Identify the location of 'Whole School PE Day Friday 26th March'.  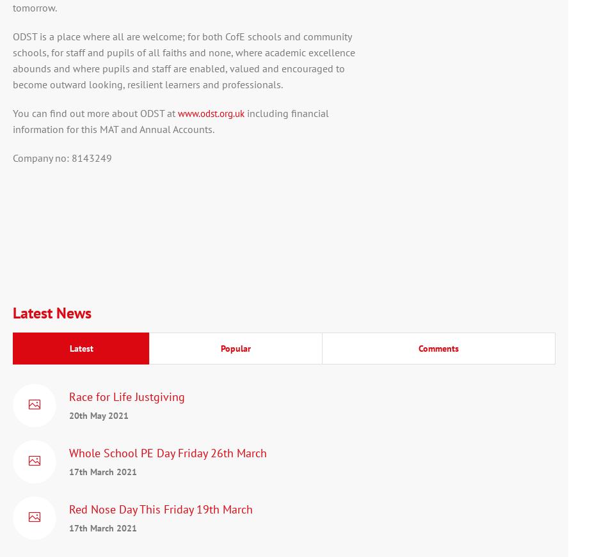
(167, 452).